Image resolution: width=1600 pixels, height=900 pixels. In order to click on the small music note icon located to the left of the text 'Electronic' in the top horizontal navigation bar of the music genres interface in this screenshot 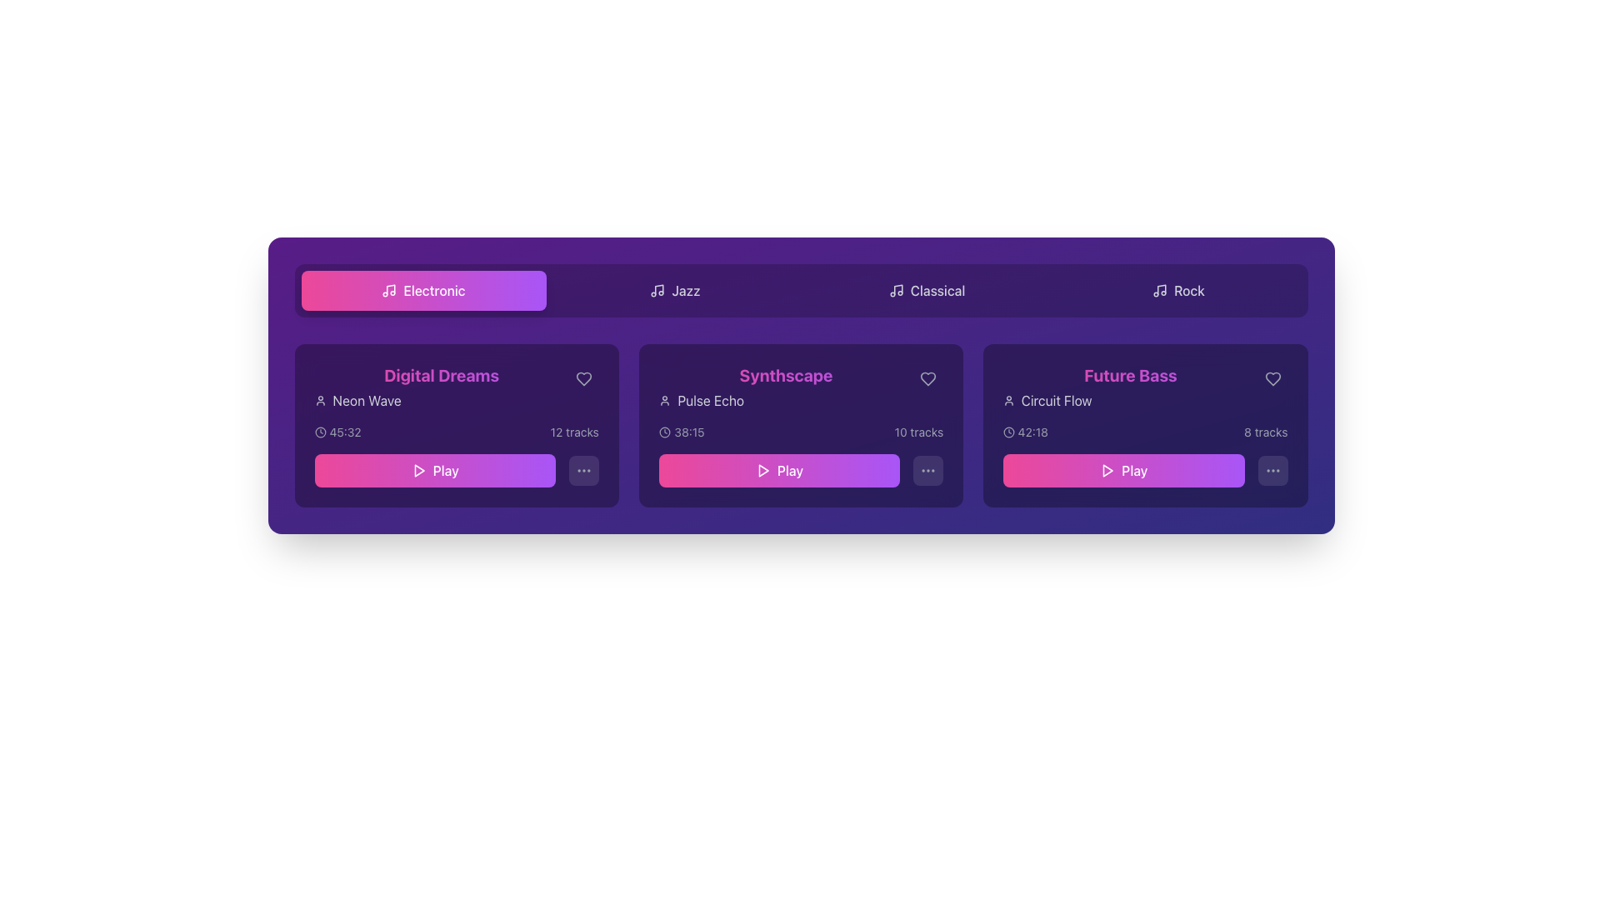, I will do `click(388, 289)`.